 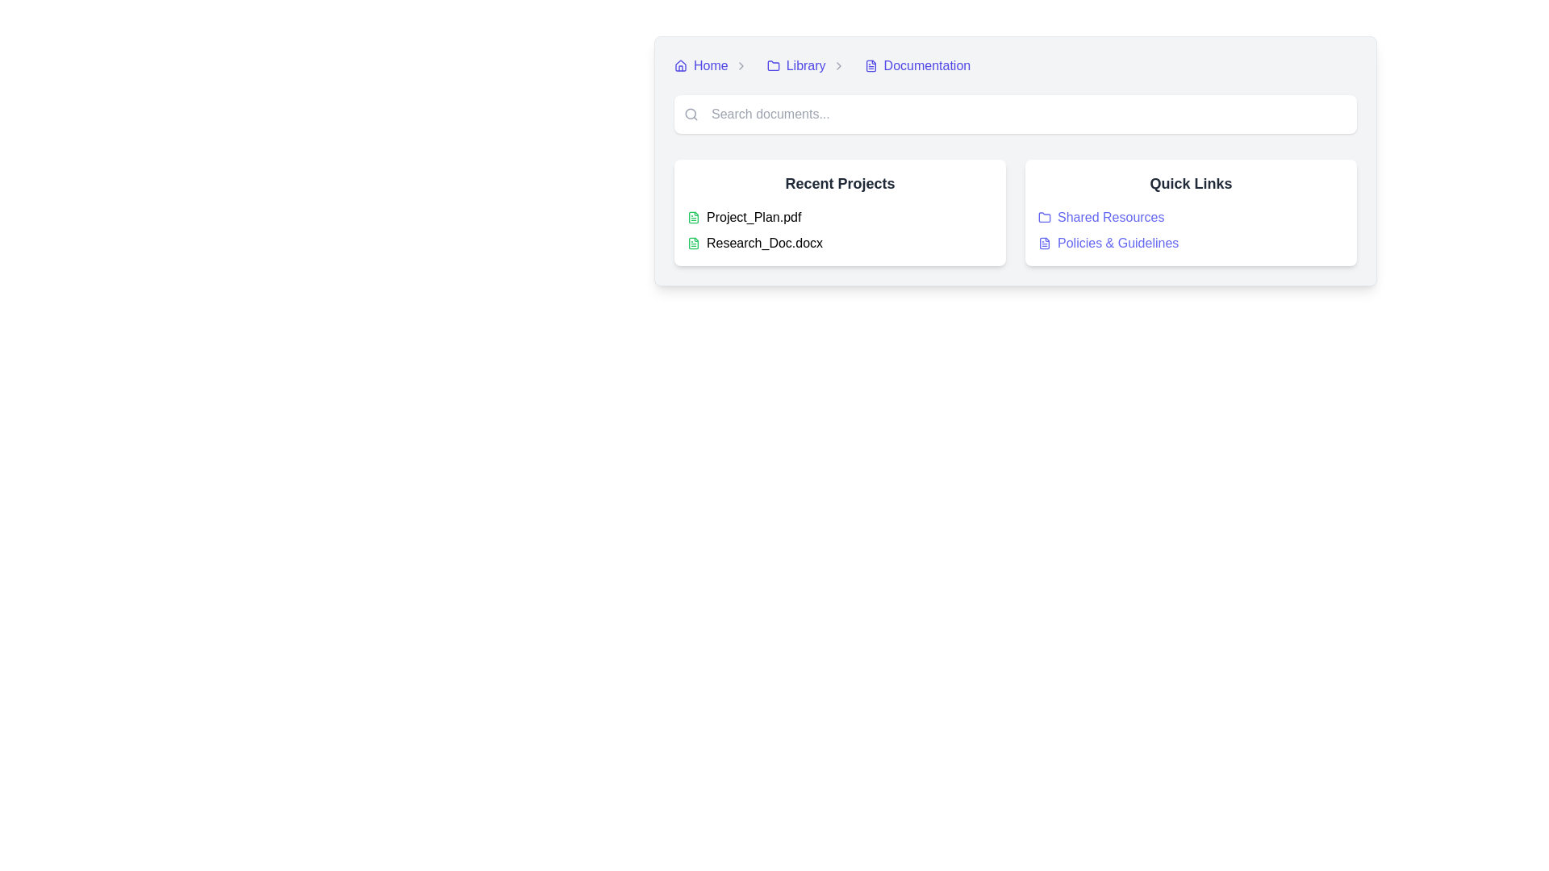 I want to click on the file icon representing 'Project_Plan.pdf' located in the 'Recent Projects' section, so click(x=693, y=218).